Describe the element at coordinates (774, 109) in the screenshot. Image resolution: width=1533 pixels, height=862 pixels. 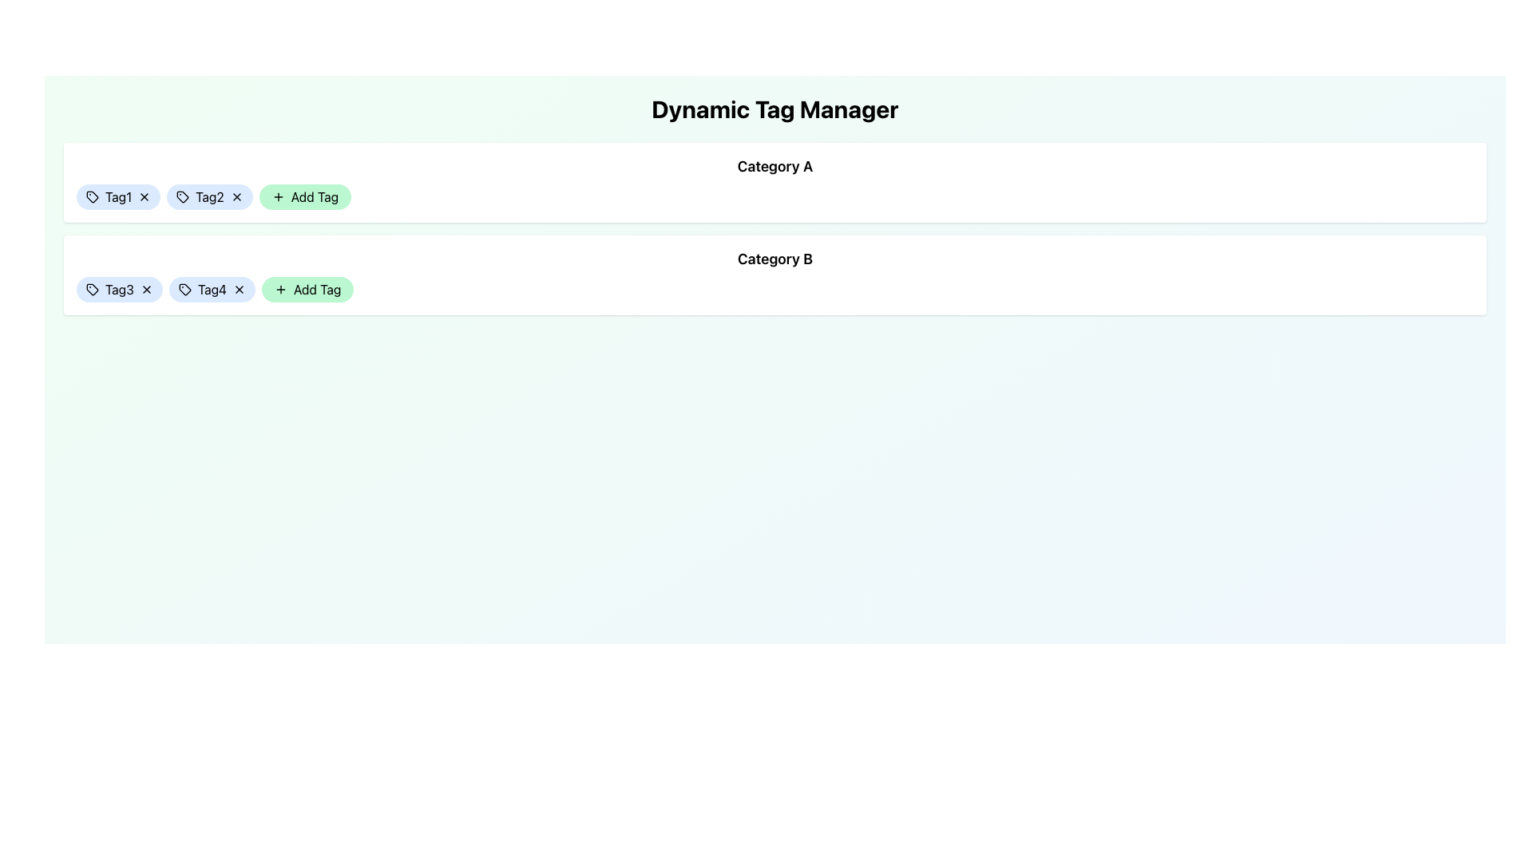
I see `the heading text that indicates the functionality or name of the application, located above 'Category A'` at that location.